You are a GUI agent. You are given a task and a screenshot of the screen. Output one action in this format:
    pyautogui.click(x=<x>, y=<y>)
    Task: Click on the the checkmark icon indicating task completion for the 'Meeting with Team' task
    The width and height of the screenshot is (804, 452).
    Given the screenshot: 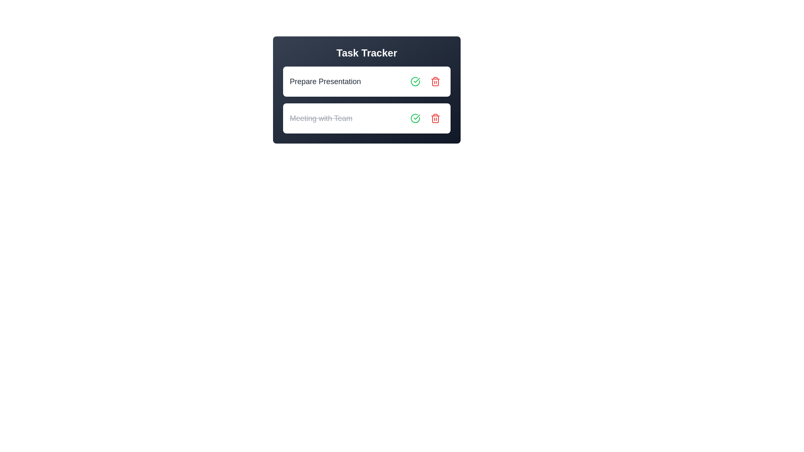 What is the action you would take?
    pyautogui.click(x=417, y=80)
    